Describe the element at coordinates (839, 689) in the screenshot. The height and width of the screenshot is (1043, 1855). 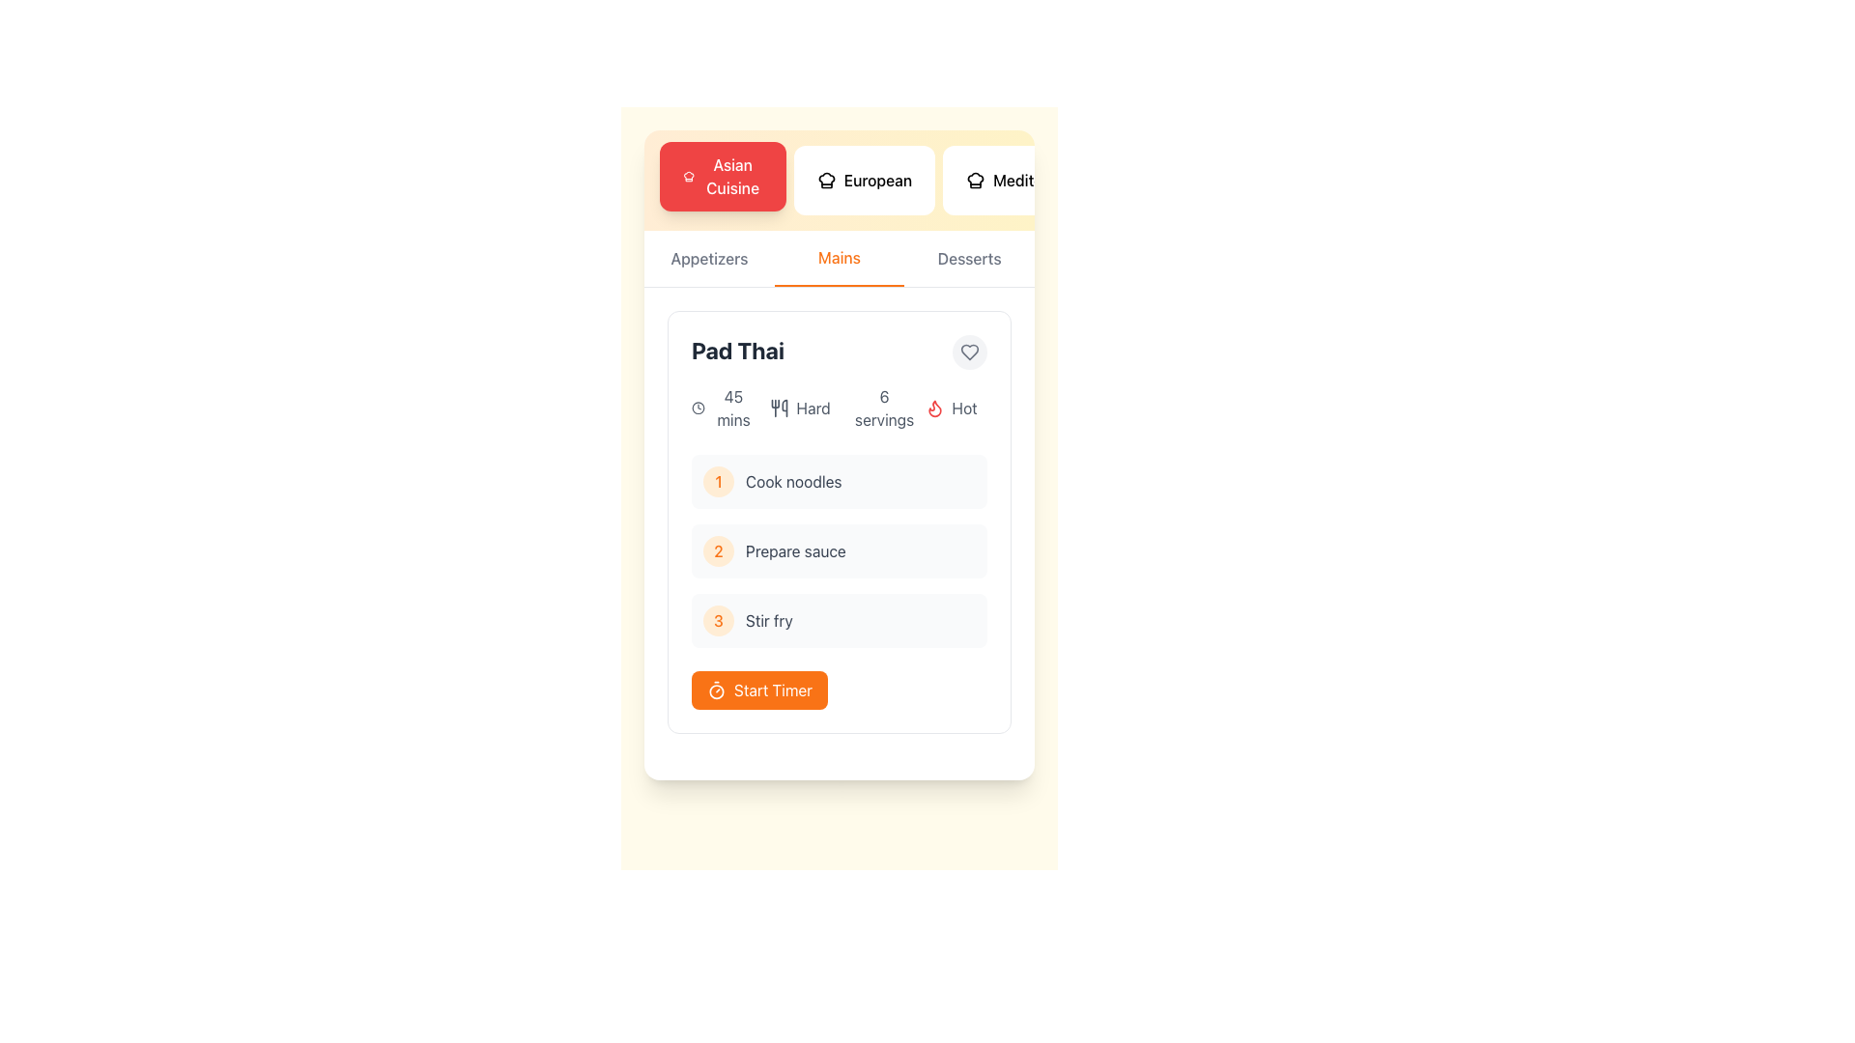
I see `the orange button labeled 'Start Timer' located below the steps for 'Pad Thai' to trigger its hover effects` at that location.